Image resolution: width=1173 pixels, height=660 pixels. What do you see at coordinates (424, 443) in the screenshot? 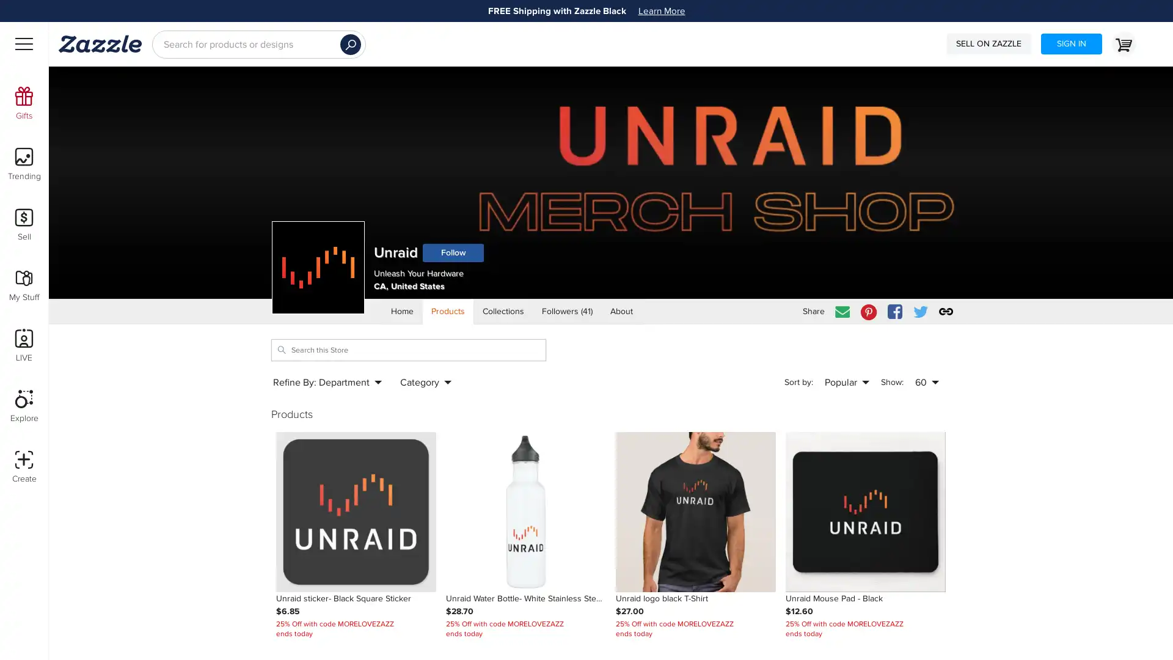
I see `Like` at bounding box center [424, 443].